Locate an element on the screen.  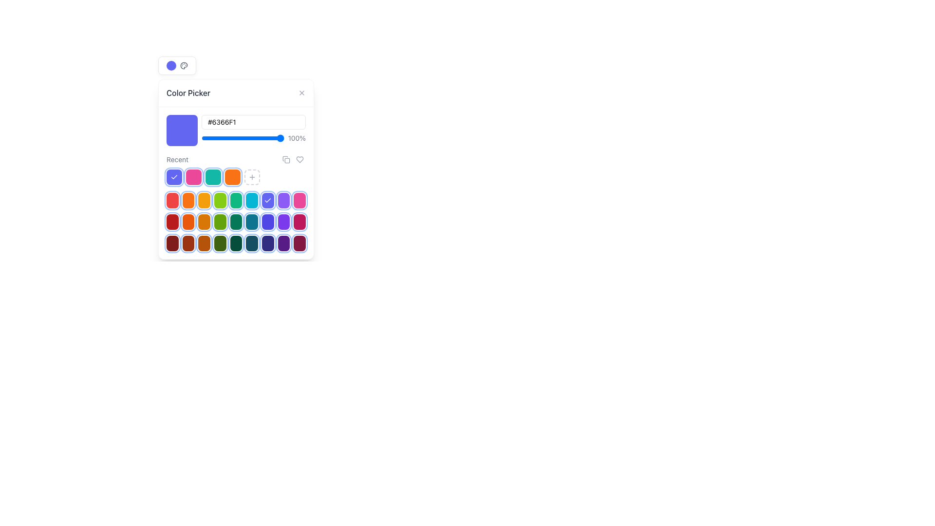
the clickable color selection button, which is the eighth in a horizontal list of color options within the color picker tool, located near the bottom of the dialogue is located at coordinates (283, 222).